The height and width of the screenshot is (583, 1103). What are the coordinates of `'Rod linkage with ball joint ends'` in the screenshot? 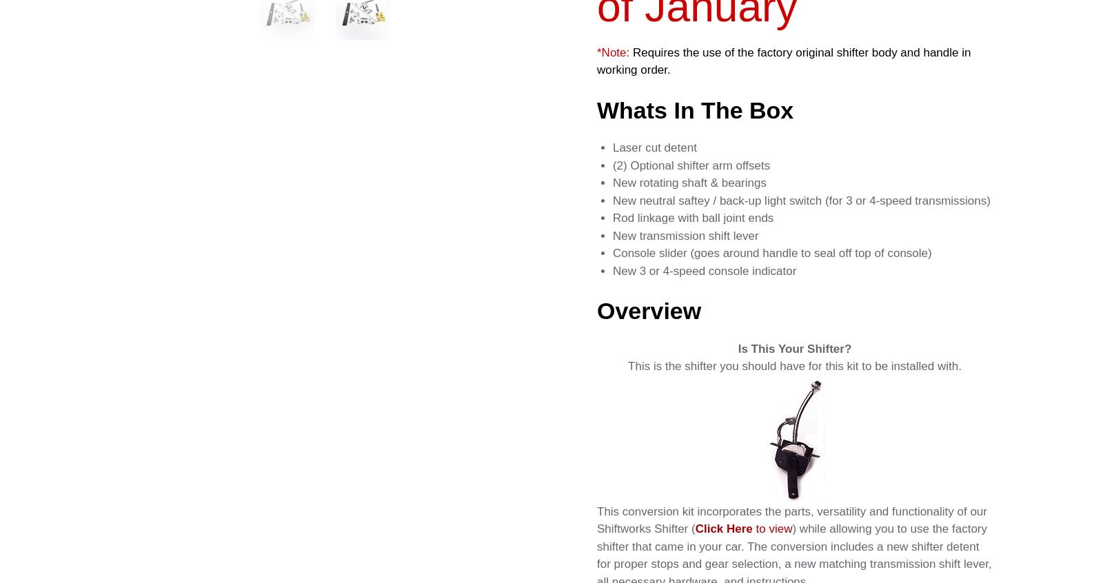 It's located at (692, 217).